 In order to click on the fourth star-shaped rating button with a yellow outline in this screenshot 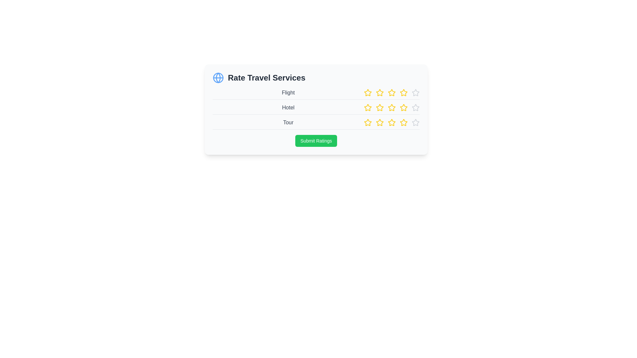, I will do `click(403, 107)`.